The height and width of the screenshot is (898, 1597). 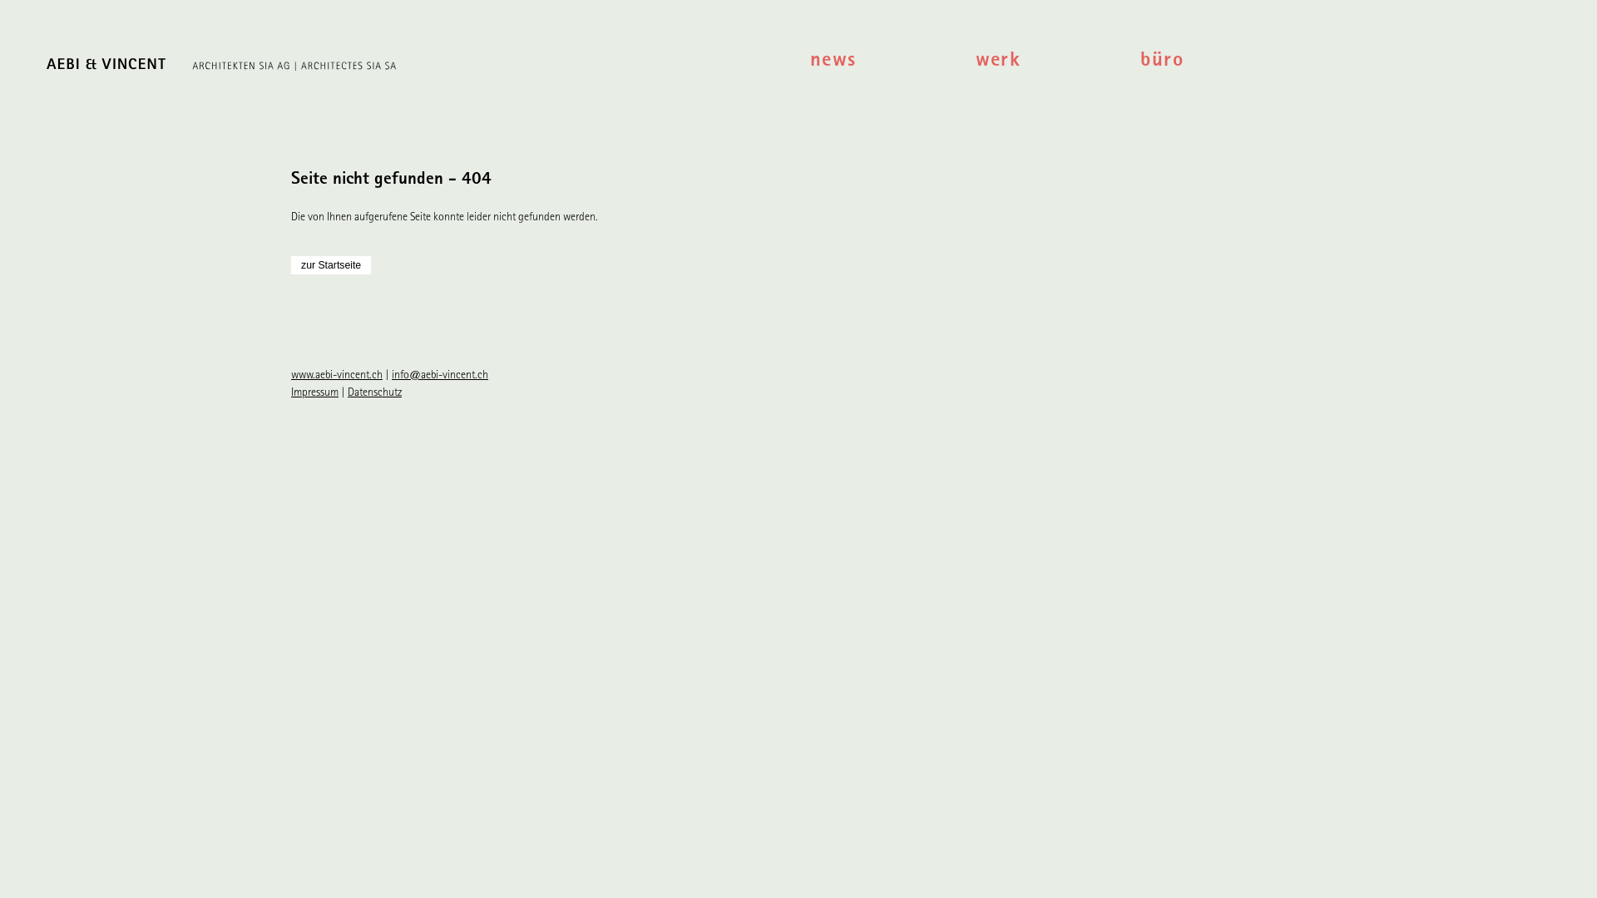 I want to click on 'zur Startseite', so click(x=331, y=264).